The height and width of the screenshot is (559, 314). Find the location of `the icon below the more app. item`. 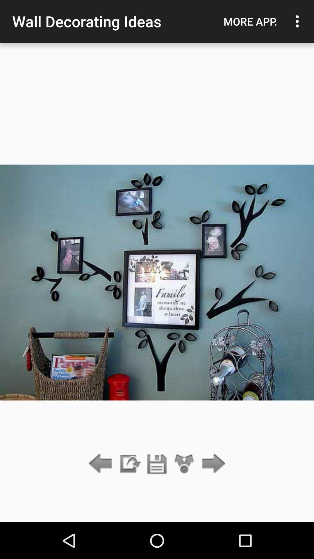

the icon below the more app. item is located at coordinates (212, 464).